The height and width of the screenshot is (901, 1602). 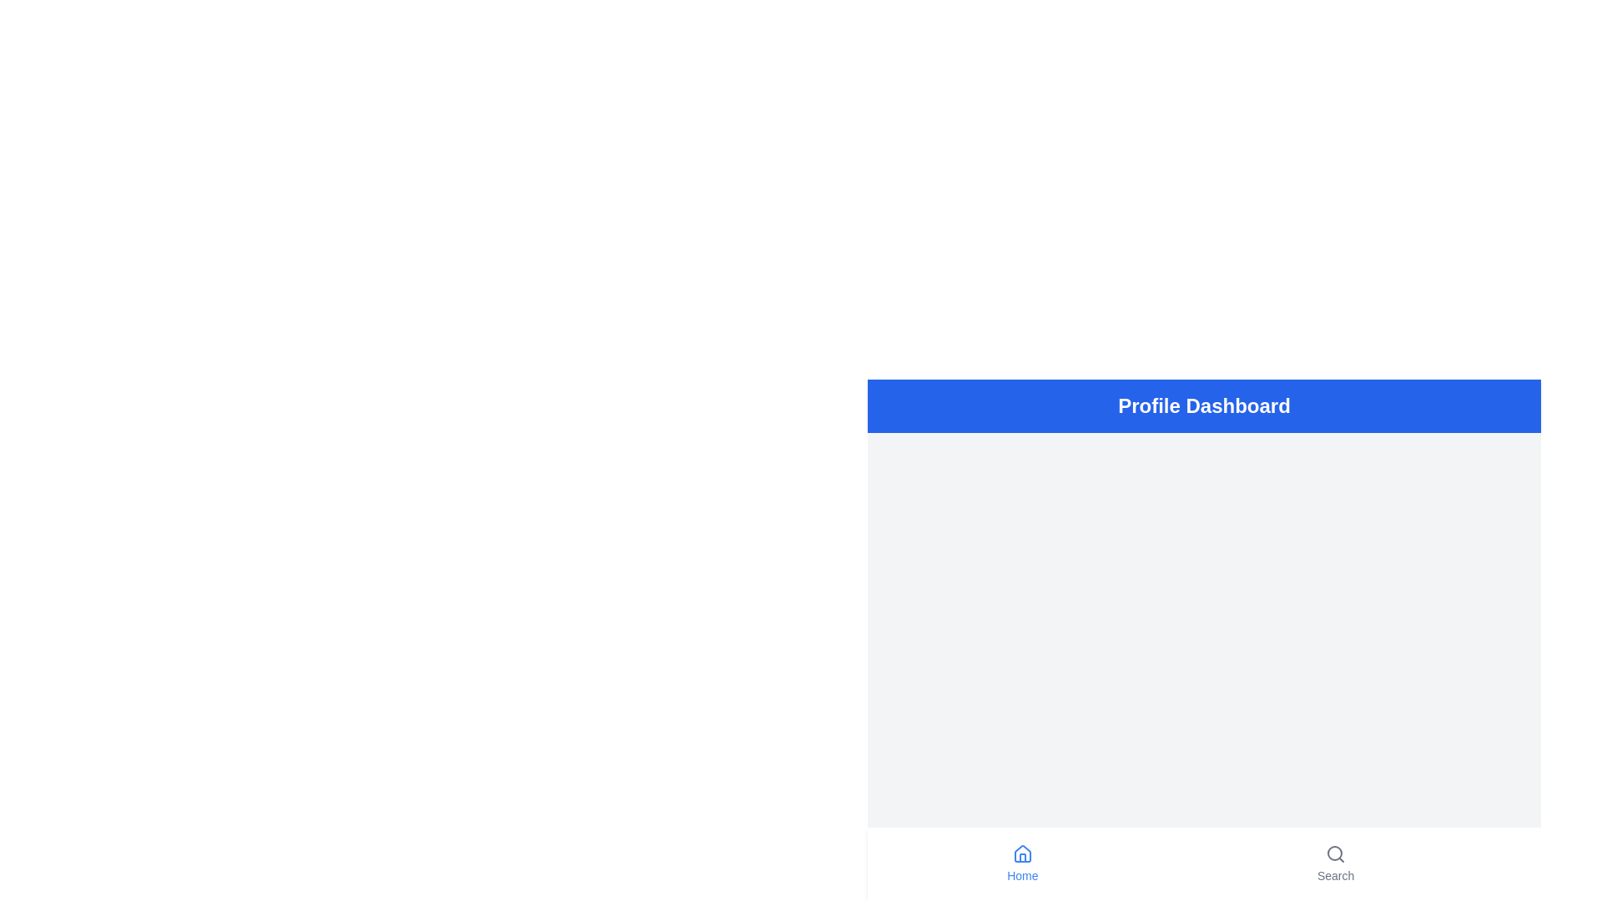 What do you see at coordinates (1021, 863) in the screenshot?
I see `the 'Home' button located at the bottom navigation bar, which displays a house icon and the text 'Home' styled in blue` at bounding box center [1021, 863].